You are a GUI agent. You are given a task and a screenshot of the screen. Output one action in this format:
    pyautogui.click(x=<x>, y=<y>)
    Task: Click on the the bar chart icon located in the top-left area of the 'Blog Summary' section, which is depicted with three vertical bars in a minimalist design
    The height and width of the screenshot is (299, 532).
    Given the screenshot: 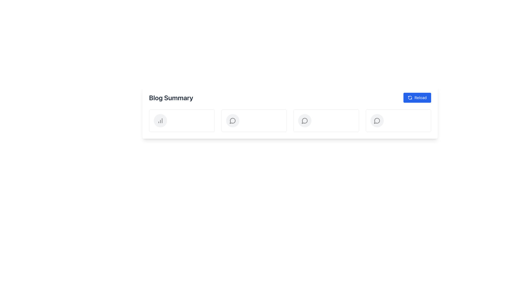 What is the action you would take?
    pyautogui.click(x=160, y=120)
    